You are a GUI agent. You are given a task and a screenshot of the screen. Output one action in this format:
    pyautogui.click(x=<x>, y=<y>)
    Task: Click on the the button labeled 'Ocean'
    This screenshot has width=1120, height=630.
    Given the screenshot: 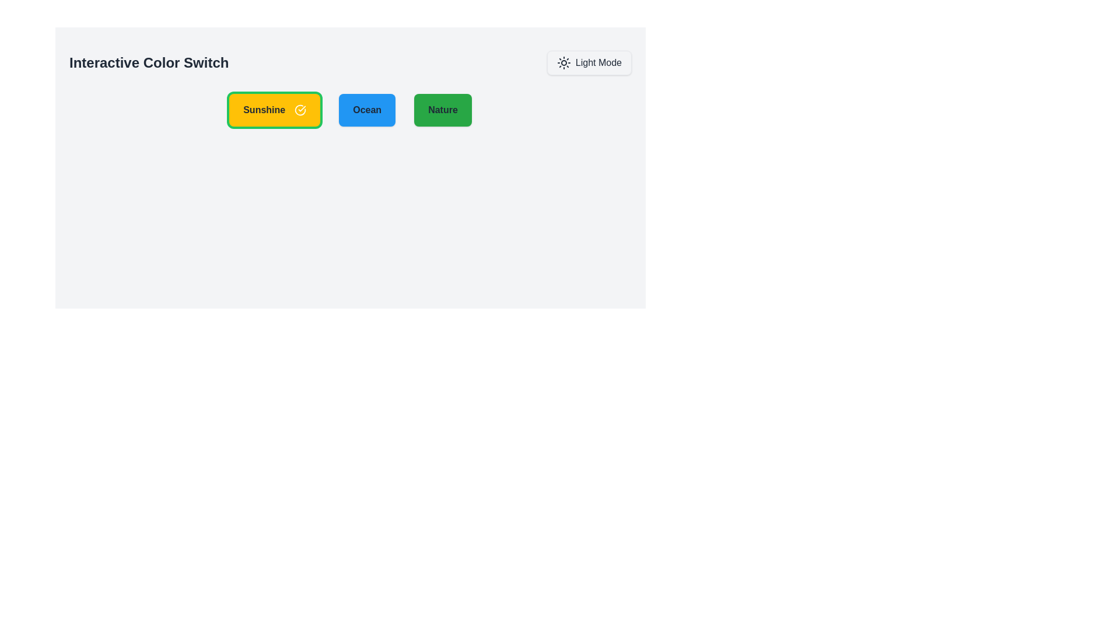 What is the action you would take?
    pyautogui.click(x=366, y=110)
    